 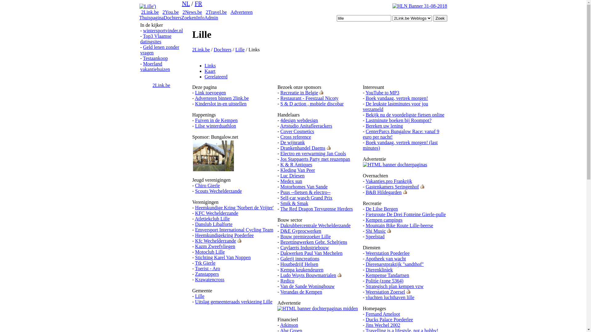 What do you see at coordinates (302, 269) in the screenshot?
I see `'Kempa keukendeuren'` at bounding box center [302, 269].